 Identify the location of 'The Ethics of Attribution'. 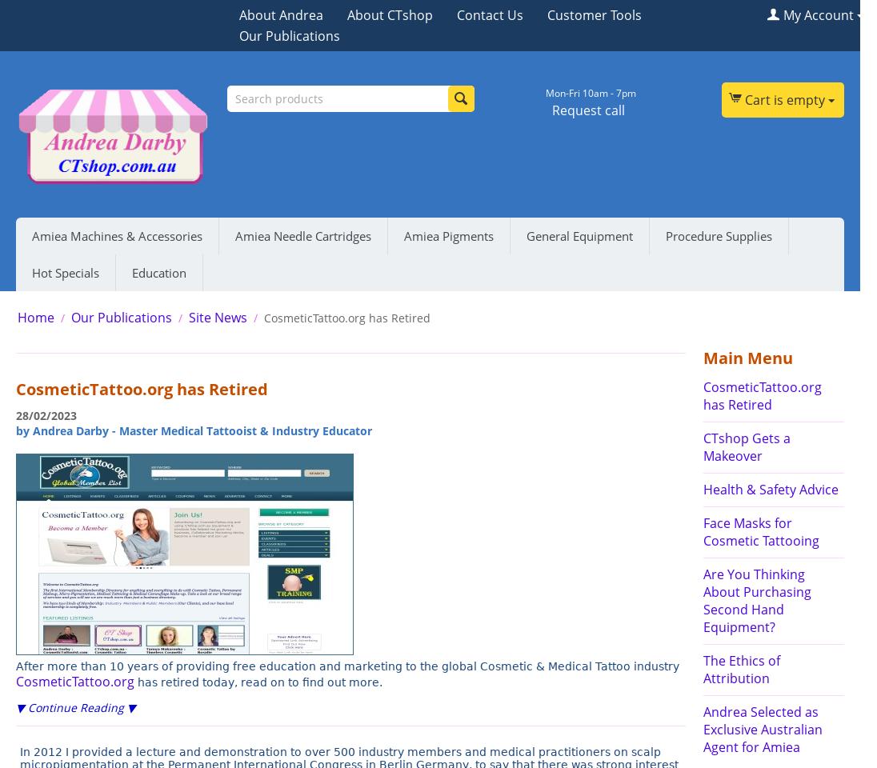
(740, 668).